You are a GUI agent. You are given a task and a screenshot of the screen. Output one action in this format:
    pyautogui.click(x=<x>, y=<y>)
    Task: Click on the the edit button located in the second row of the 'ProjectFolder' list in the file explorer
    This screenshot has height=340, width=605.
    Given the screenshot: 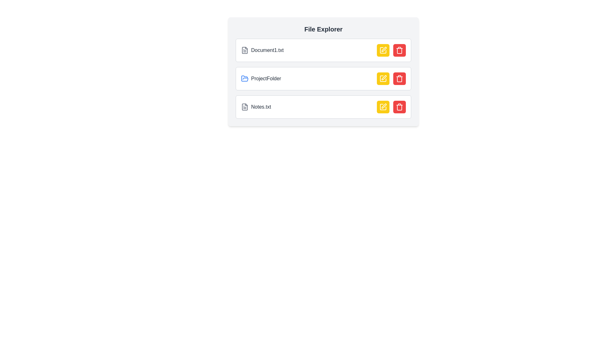 What is the action you would take?
    pyautogui.click(x=383, y=78)
    